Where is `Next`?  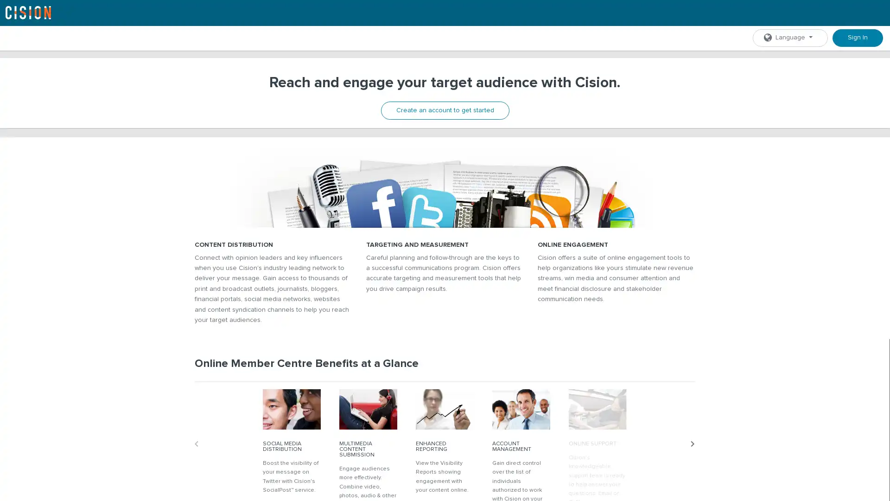 Next is located at coordinates (694, 456).